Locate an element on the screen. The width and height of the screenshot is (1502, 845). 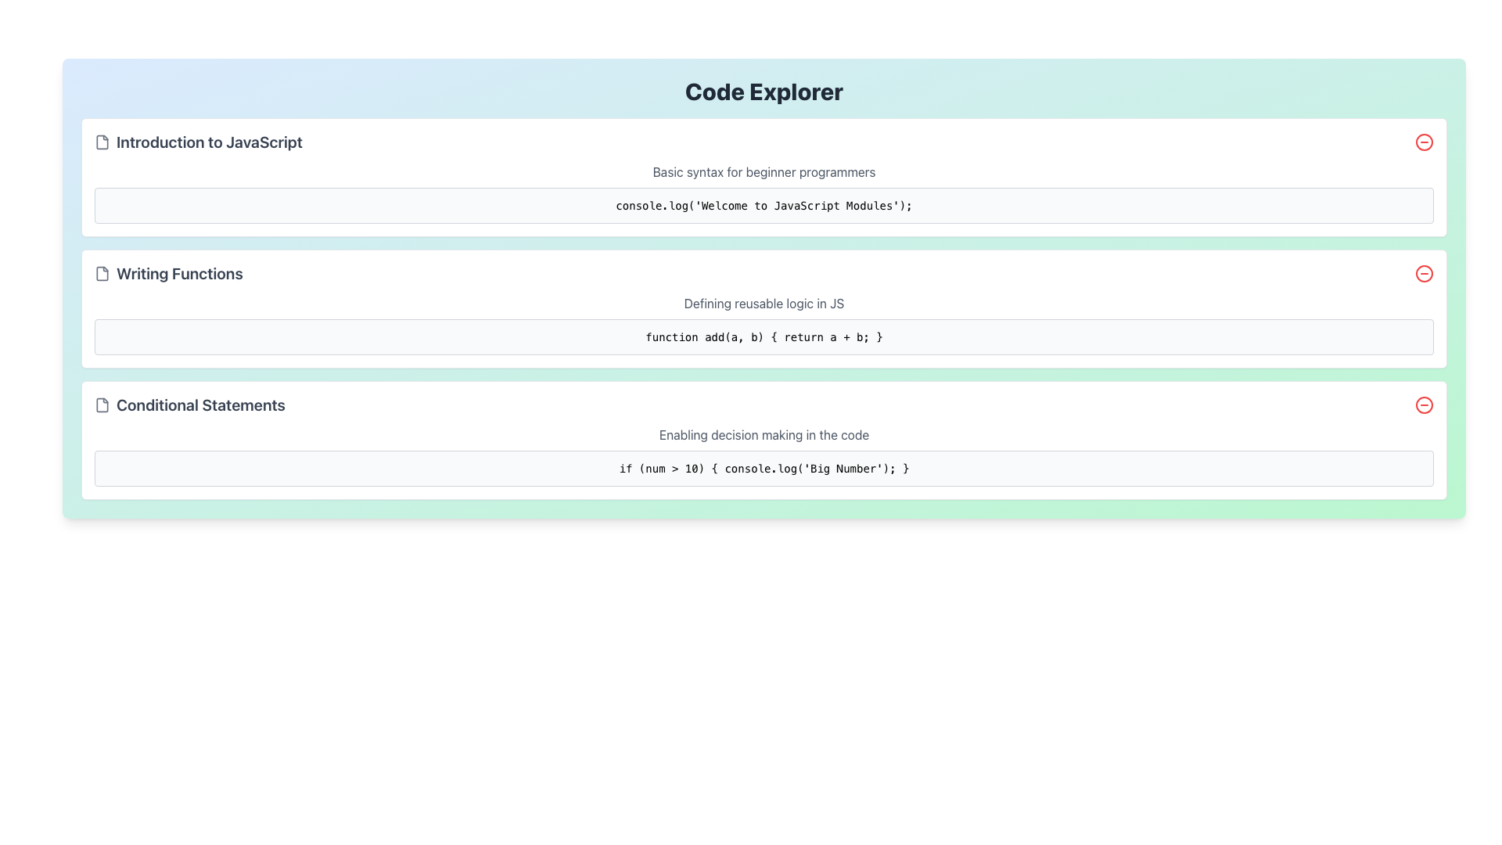
the small gray file icon located to the left of the 'Introduction to JavaScript' heading, aligned to its vertical center is located at coordinates (101, 142).